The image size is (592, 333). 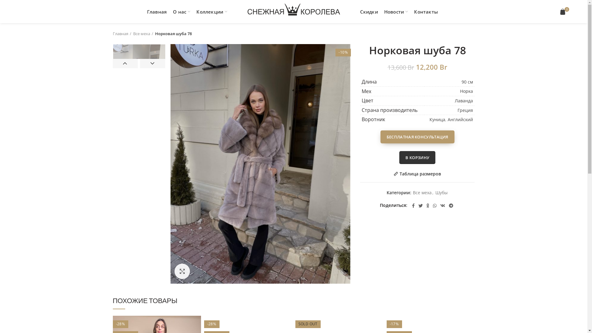 I want to click on 'Facebook', so click(x=410, y=206).